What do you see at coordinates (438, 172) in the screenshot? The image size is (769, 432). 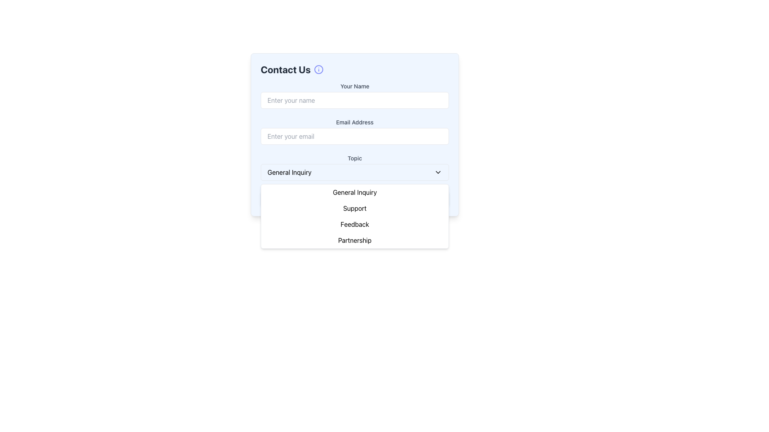 I see `the downward arrow icon inside the 'General Inquiry' button` at bounding box center [438, 172].